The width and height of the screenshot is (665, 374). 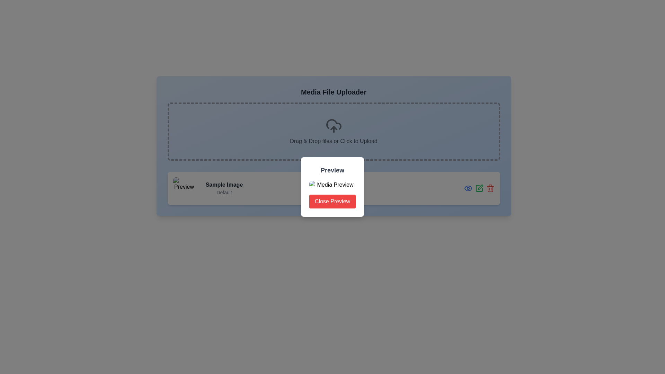 What do you see at coordinates (479, 188) in the screenshot?
I see `the green pen icon located next to the blue eye icon, which is the second in a row of interactive icons` at bounding box center [479, 188].